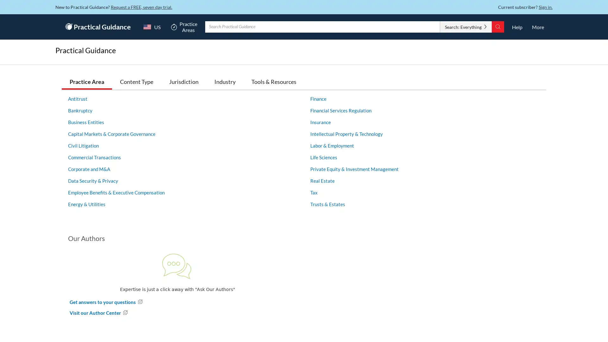  Describe the element at coordinates (466, 26) in the screenshot. I see `Search: Everything` at that location.